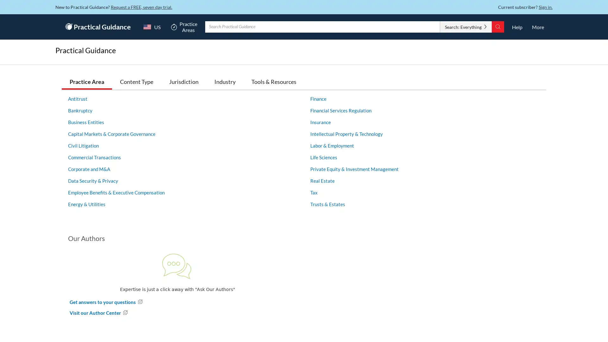  Describe the element at coordinates (466, 26) in the screenshot. I see `Search: Everything` at that location.